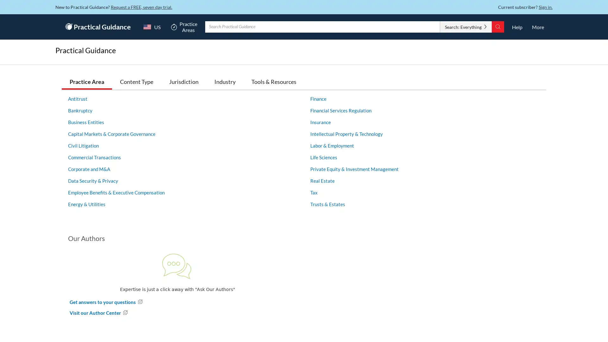  Describe the element at coordinates (466, 26) in the screenshot. I see `Search: Everything` at that location.